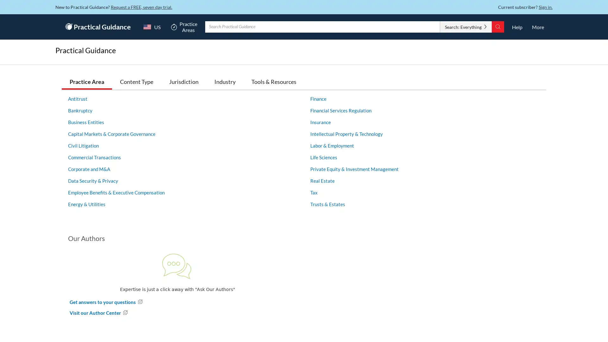  Describe the element at coordinates (466, 26) in the screenshot. I see `Search: Everything` at that location.